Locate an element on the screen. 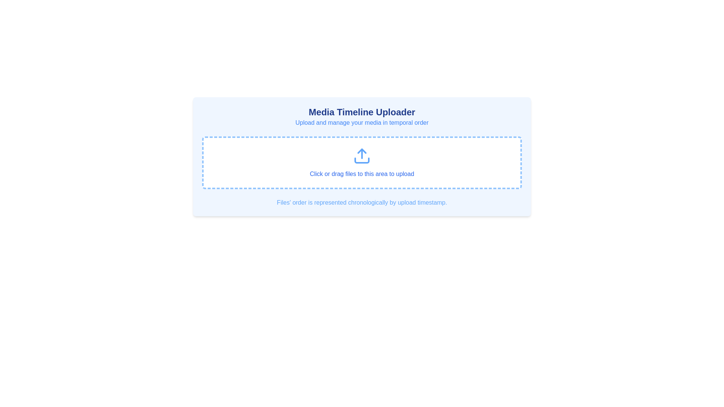 The width and height of the screenshot is (724, 407). the upload icon for keyboard navigation within the 'Media Timeline Uploader' interface is located at coordinates (362, 155).